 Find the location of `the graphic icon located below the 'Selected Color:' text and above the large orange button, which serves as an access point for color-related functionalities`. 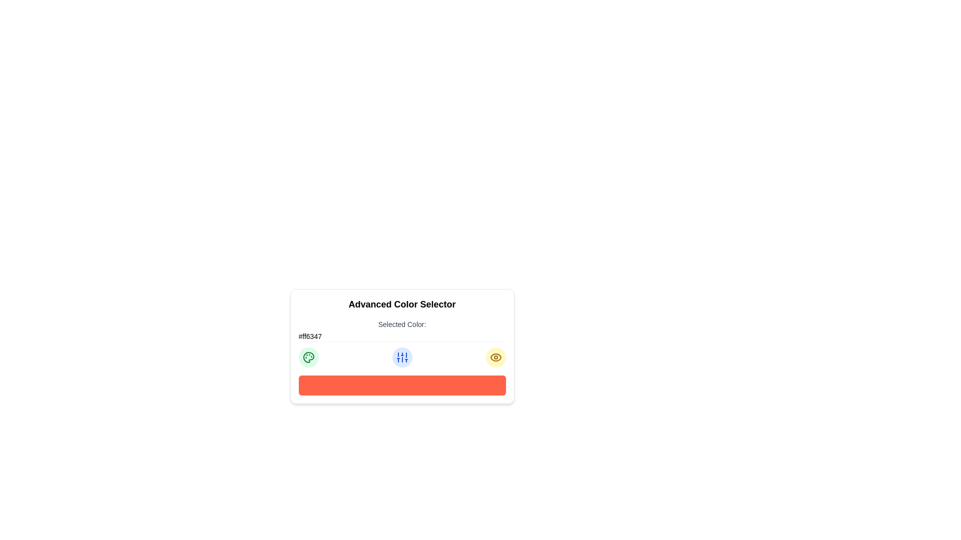

the graphic icon located below the 'Selected Color:' text and above the large orange button, which serves as an access point for color-related functionalities is located at coordinates (308, 356).